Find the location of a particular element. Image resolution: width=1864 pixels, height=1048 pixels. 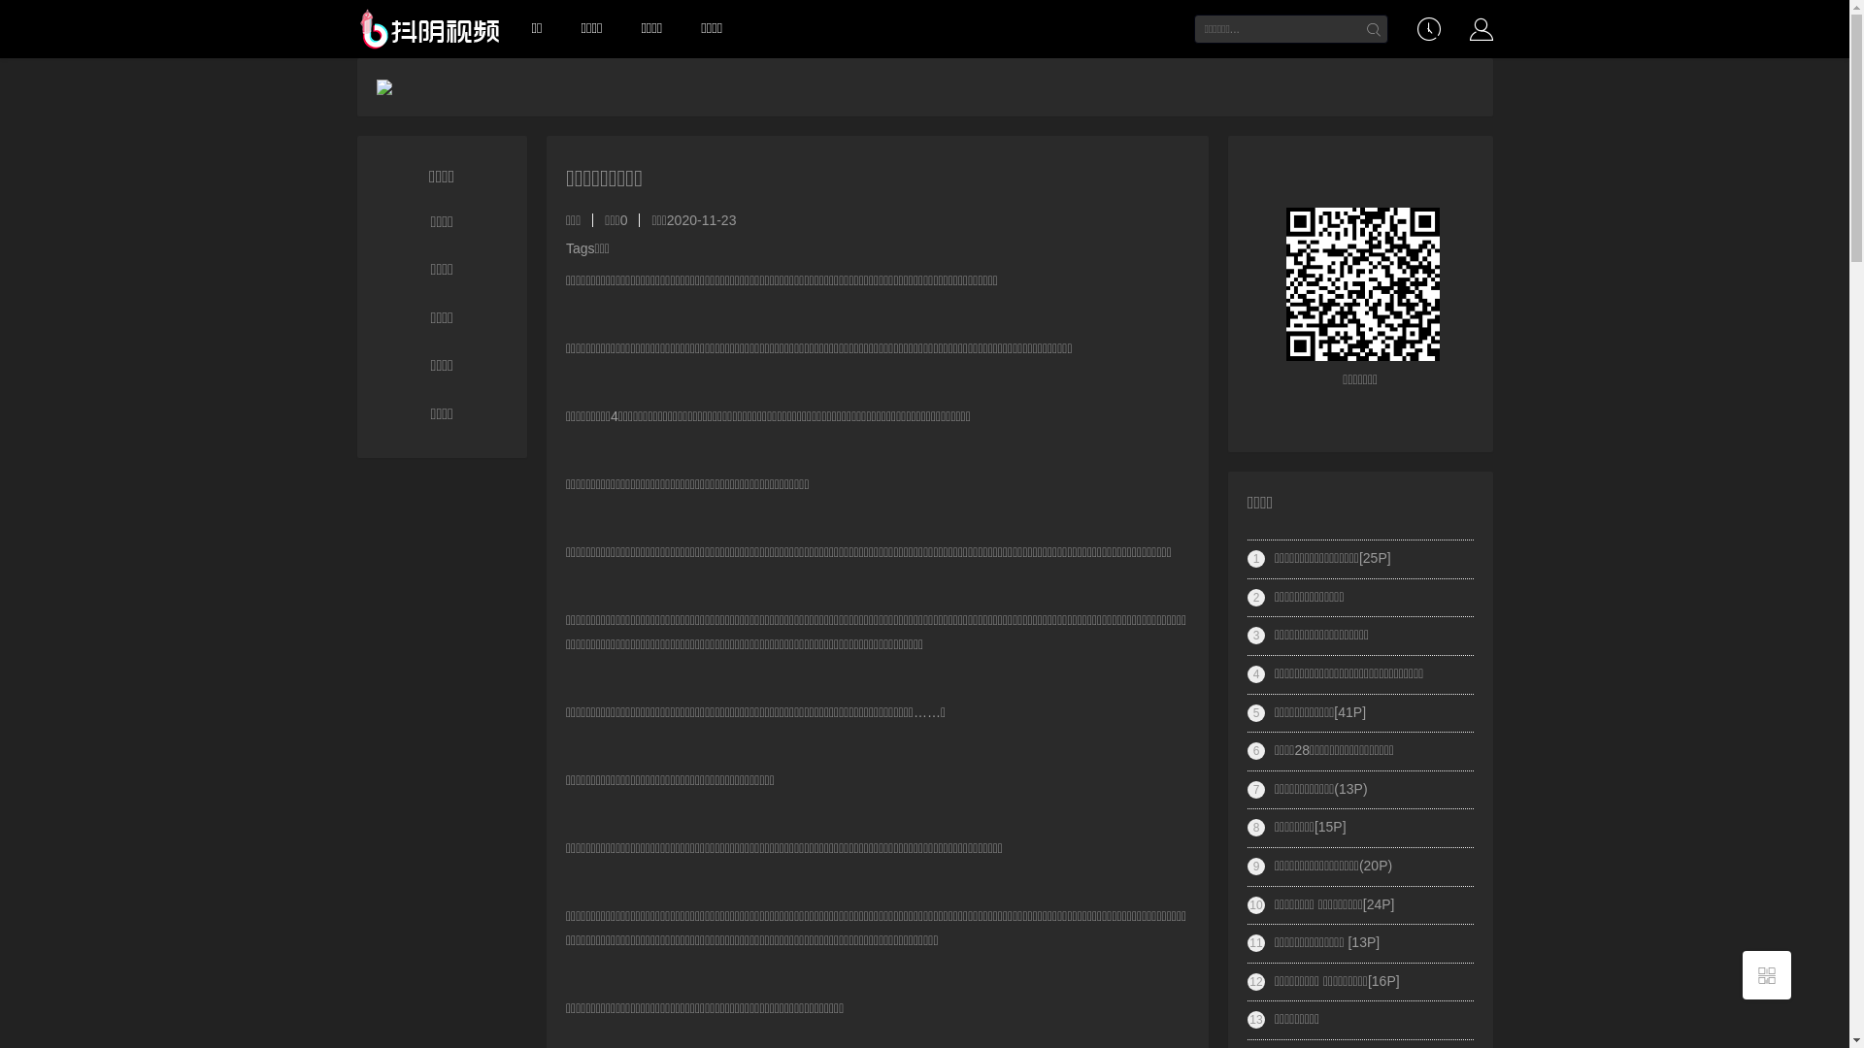

'https://www.38dav.com/xingaijiqiao/25814/' is located at coordinates (1359, 275).